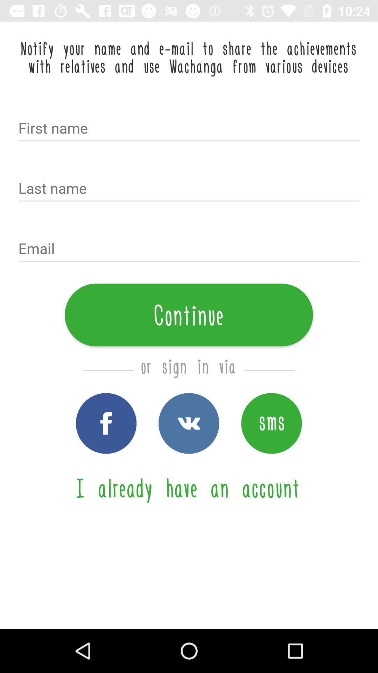 Image resolution: width=378 pixels, height=673 pixels. I want to click on text box, so click(189, 189).